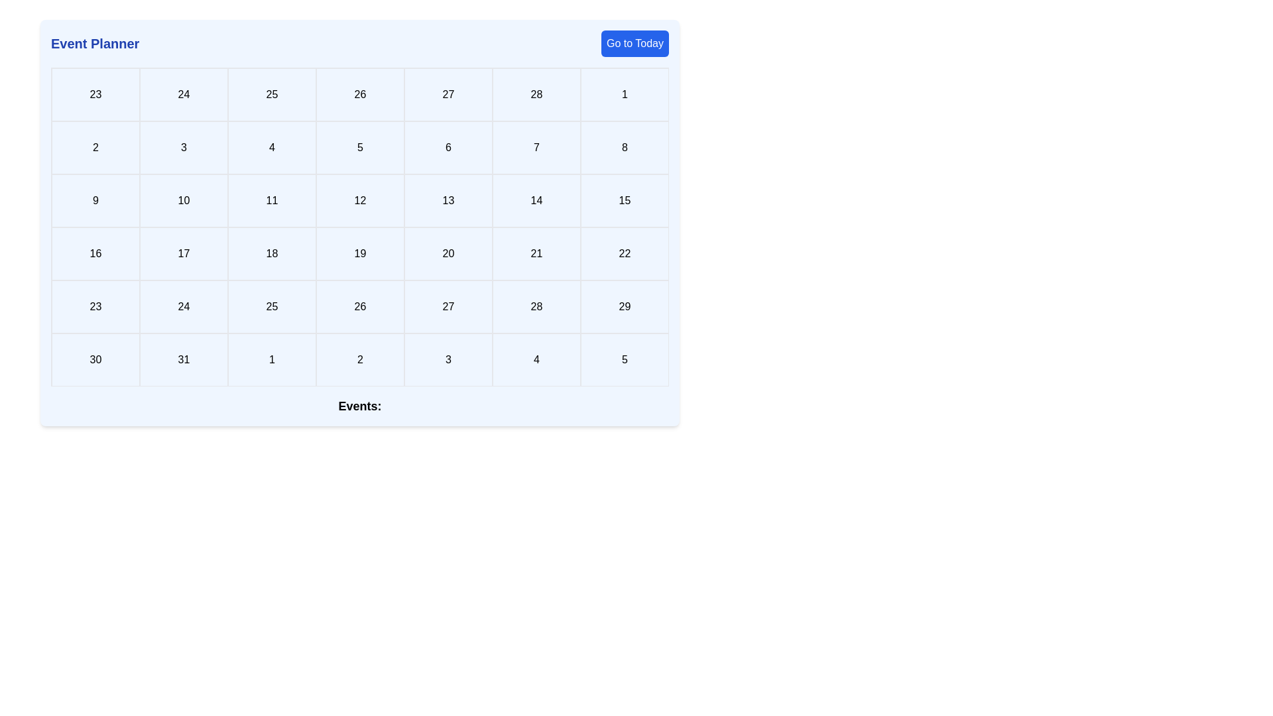 The height and width of the screenshot is (716, 1273). I want to click on the light blue square-shaped button containing the number '25', so click(271, 93).